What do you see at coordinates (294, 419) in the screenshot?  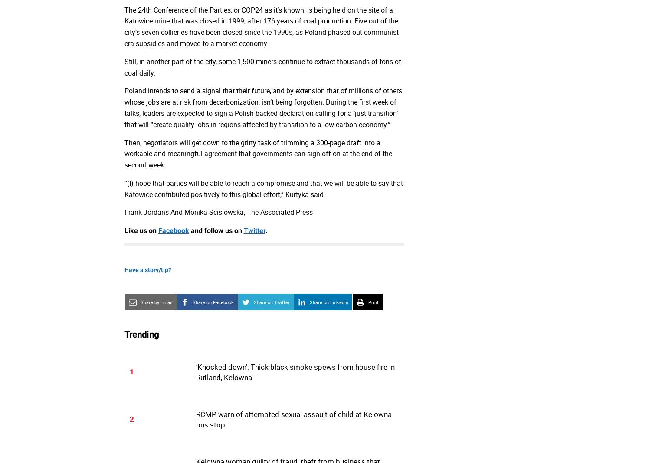 I see `'RCMP warn of attempted sexual assault of child at Kelowna bus stop'` at bounding box center [294, 419].